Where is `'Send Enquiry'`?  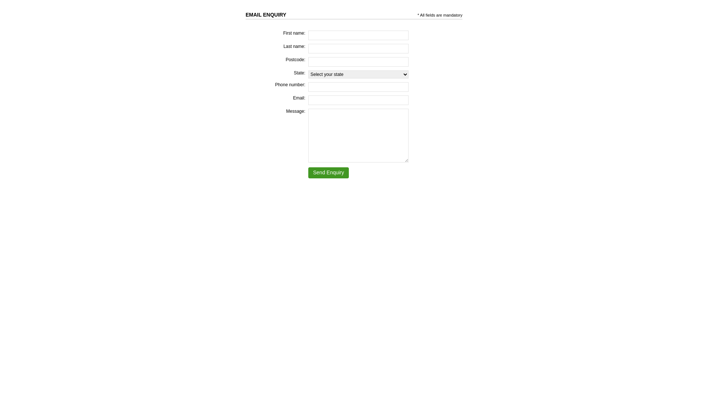 'Send Enquiry' is located at coordinates (328, 173).